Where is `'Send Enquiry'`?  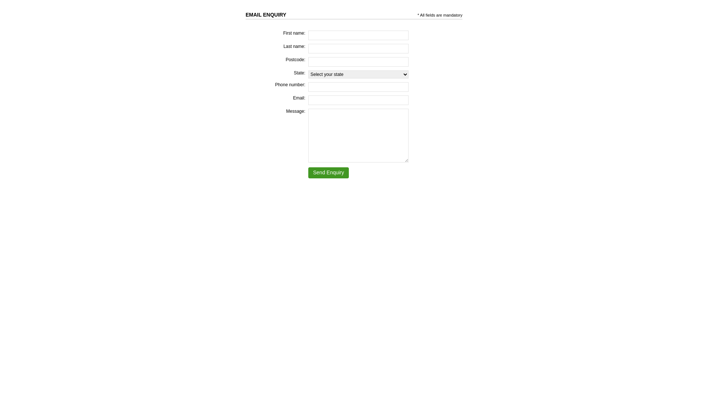 'Send Enquiry' is located at coordinates (328, 173).